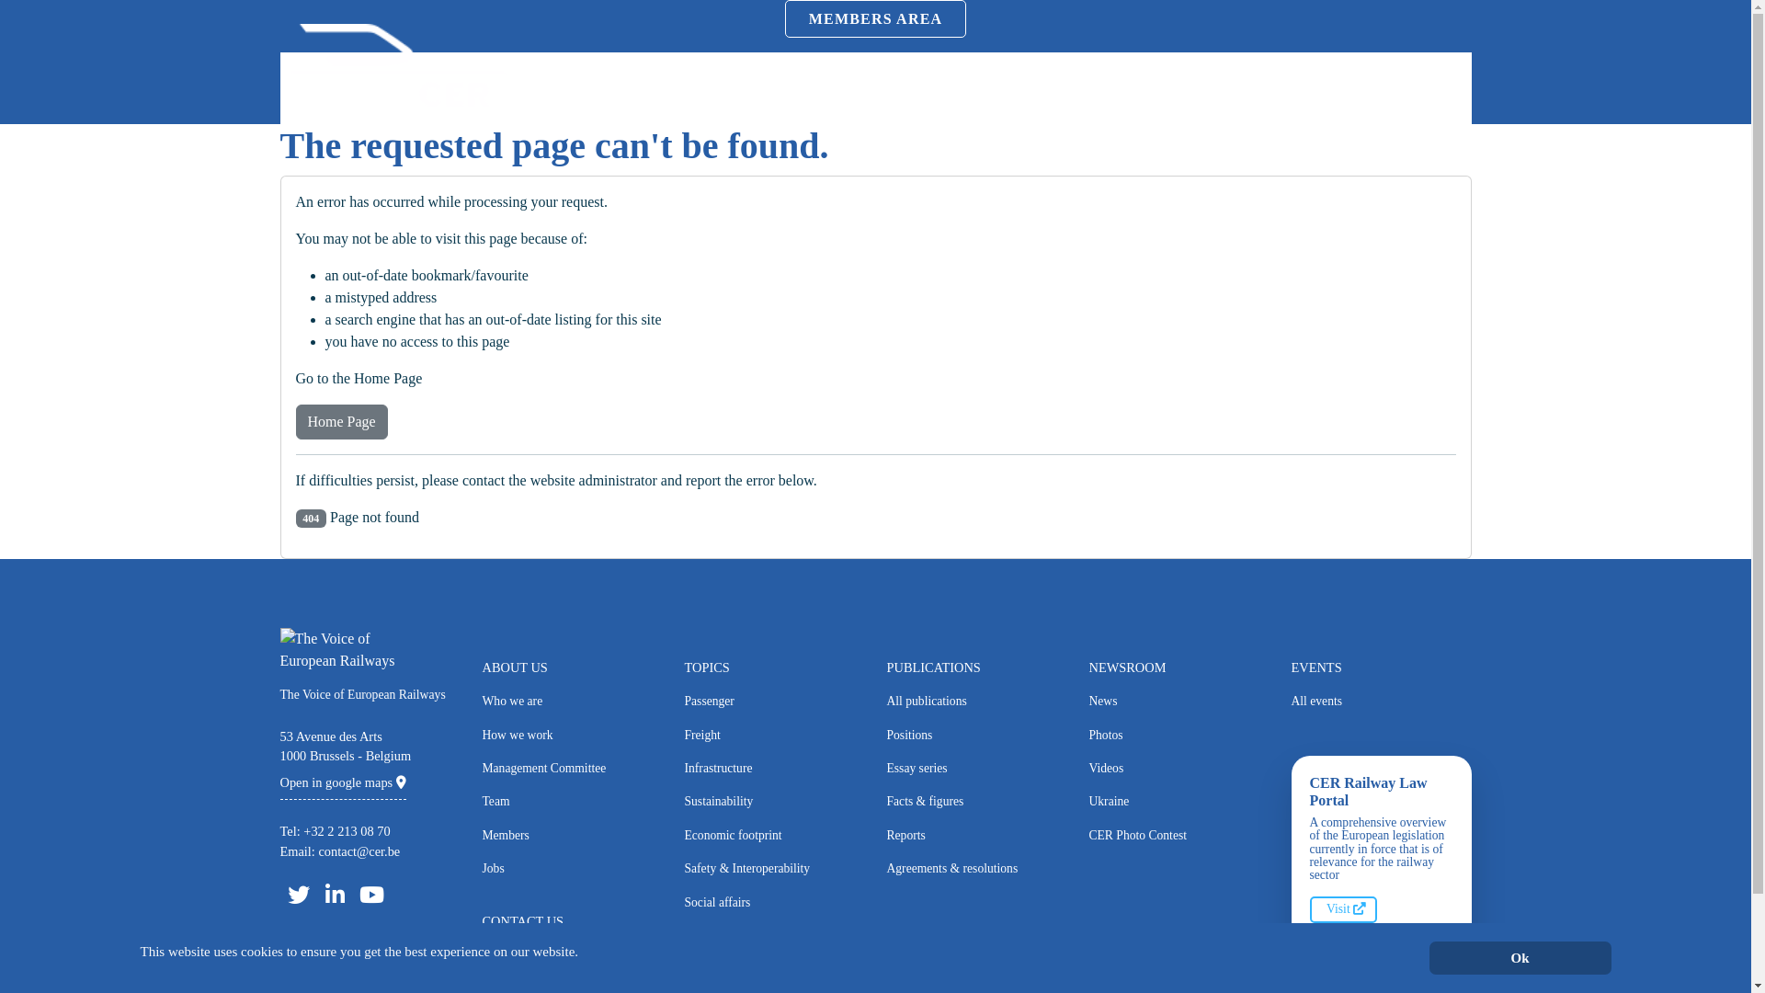 Image resolution: width=1765 pixels, height=993 pixels. What do you see at coordinates (1178, 769) in the screenshot?
I see `'Videos'` at bounding box center [1178, 769].